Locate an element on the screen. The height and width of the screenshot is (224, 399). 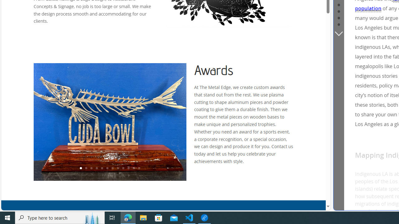
'11' is located at coordinates (133, 168).